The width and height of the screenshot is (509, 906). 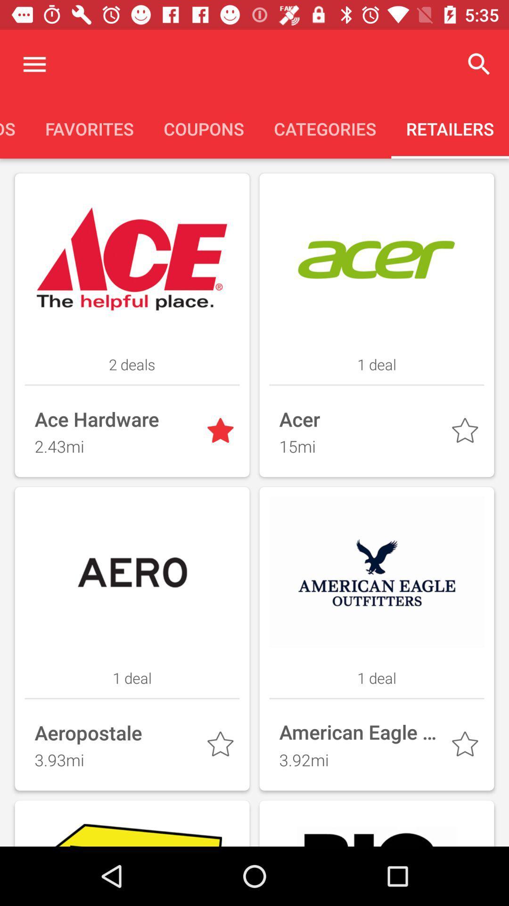 I want to click on this, so click(x=222, y=746).